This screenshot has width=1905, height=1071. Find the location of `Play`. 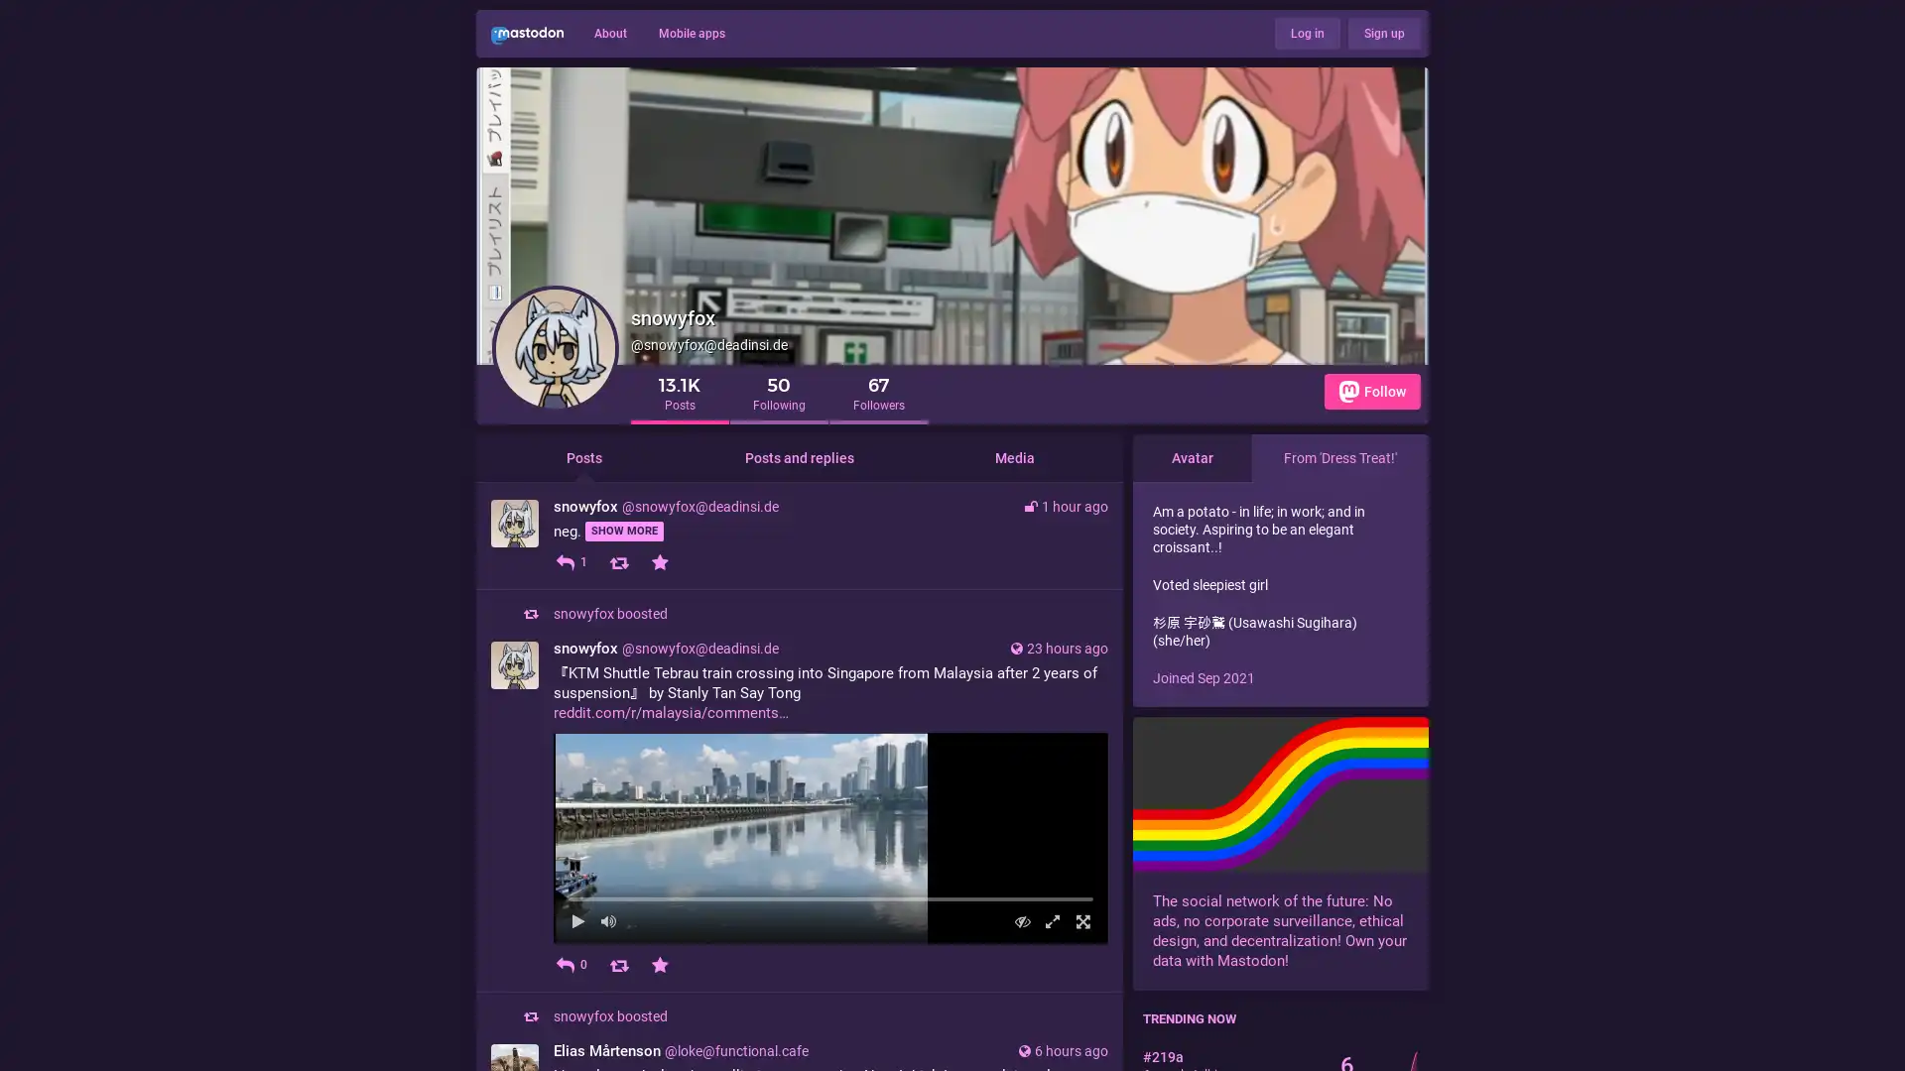

Play is located at coordinates (576, 1021).